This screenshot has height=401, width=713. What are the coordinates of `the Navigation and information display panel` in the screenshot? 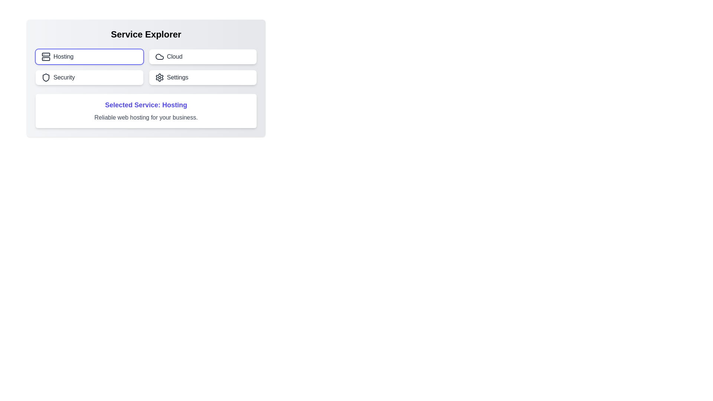 It's located at (146, 78).